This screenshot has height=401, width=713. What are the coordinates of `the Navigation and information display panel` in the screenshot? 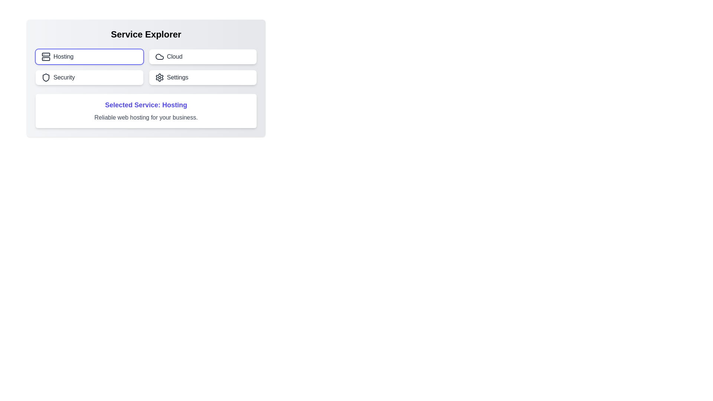 It's located at (146, 78).